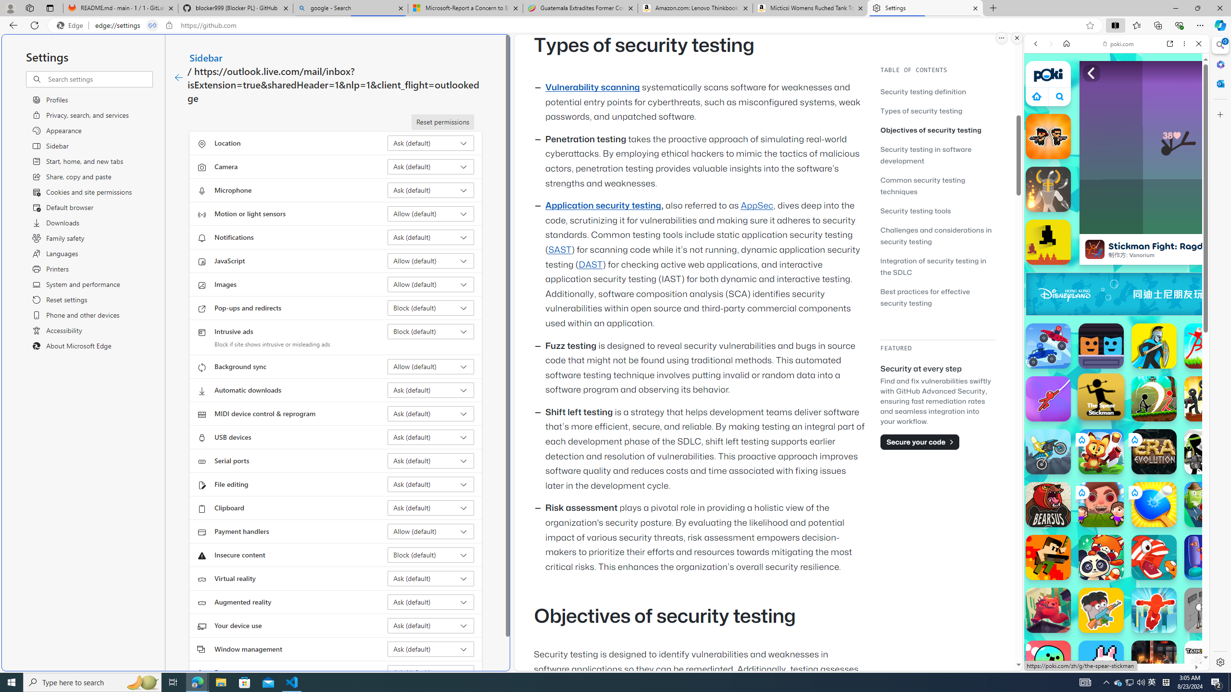 This screenshot has width=1231, height=692. Describe the element at coordinates (1118, 44) in the screenshot. I see `'poki.com'` at that location.